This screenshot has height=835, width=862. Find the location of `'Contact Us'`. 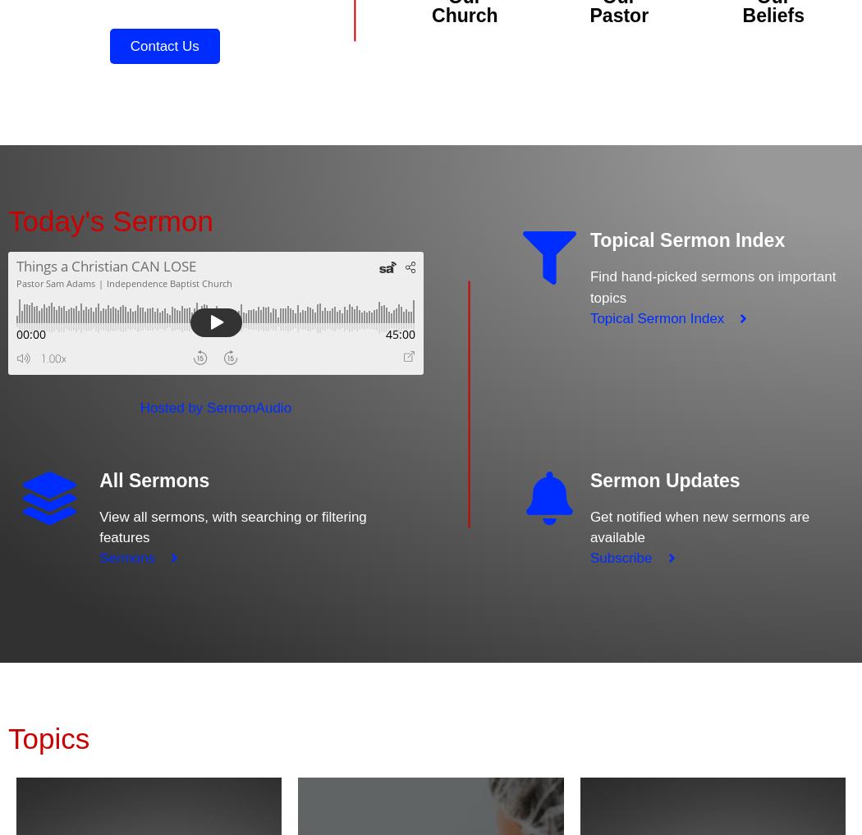

'Contact Us' is located at coordinates (163, 46).